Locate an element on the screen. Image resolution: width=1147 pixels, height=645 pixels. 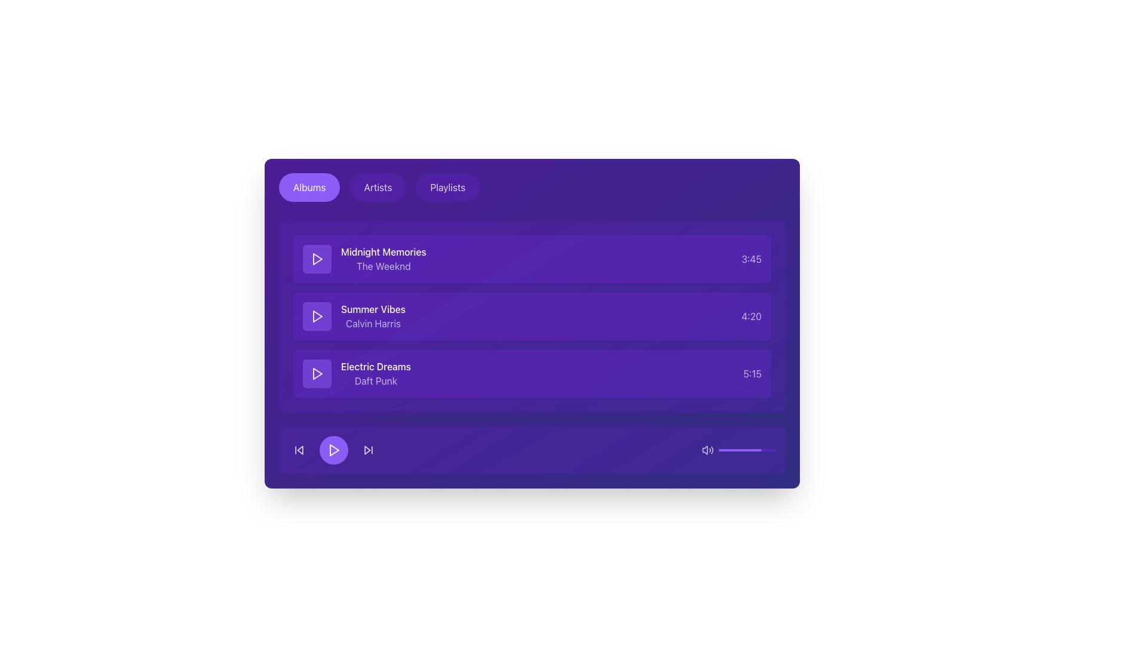
the second item in the song list that reads 'Summer Vibes' by Calvin Harris, styled with vibrant violet hues and rounded corners is located at coordinates (532, 315).